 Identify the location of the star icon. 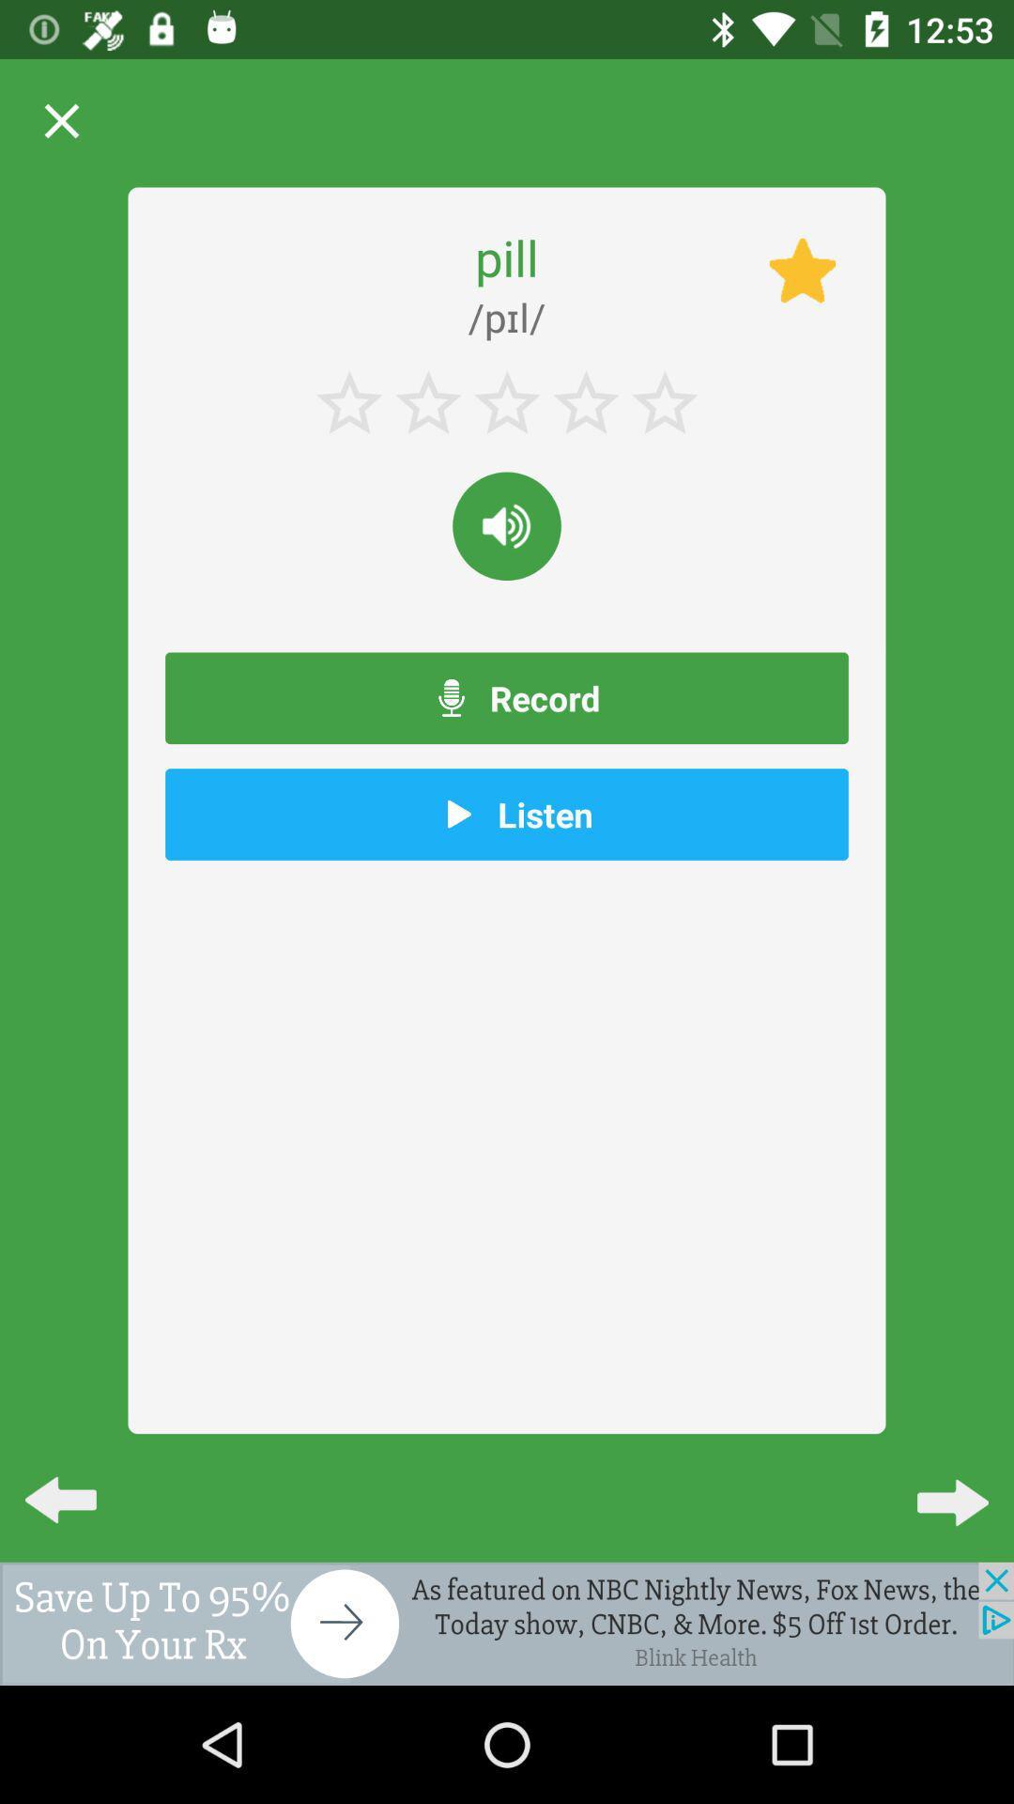
(803, 270).